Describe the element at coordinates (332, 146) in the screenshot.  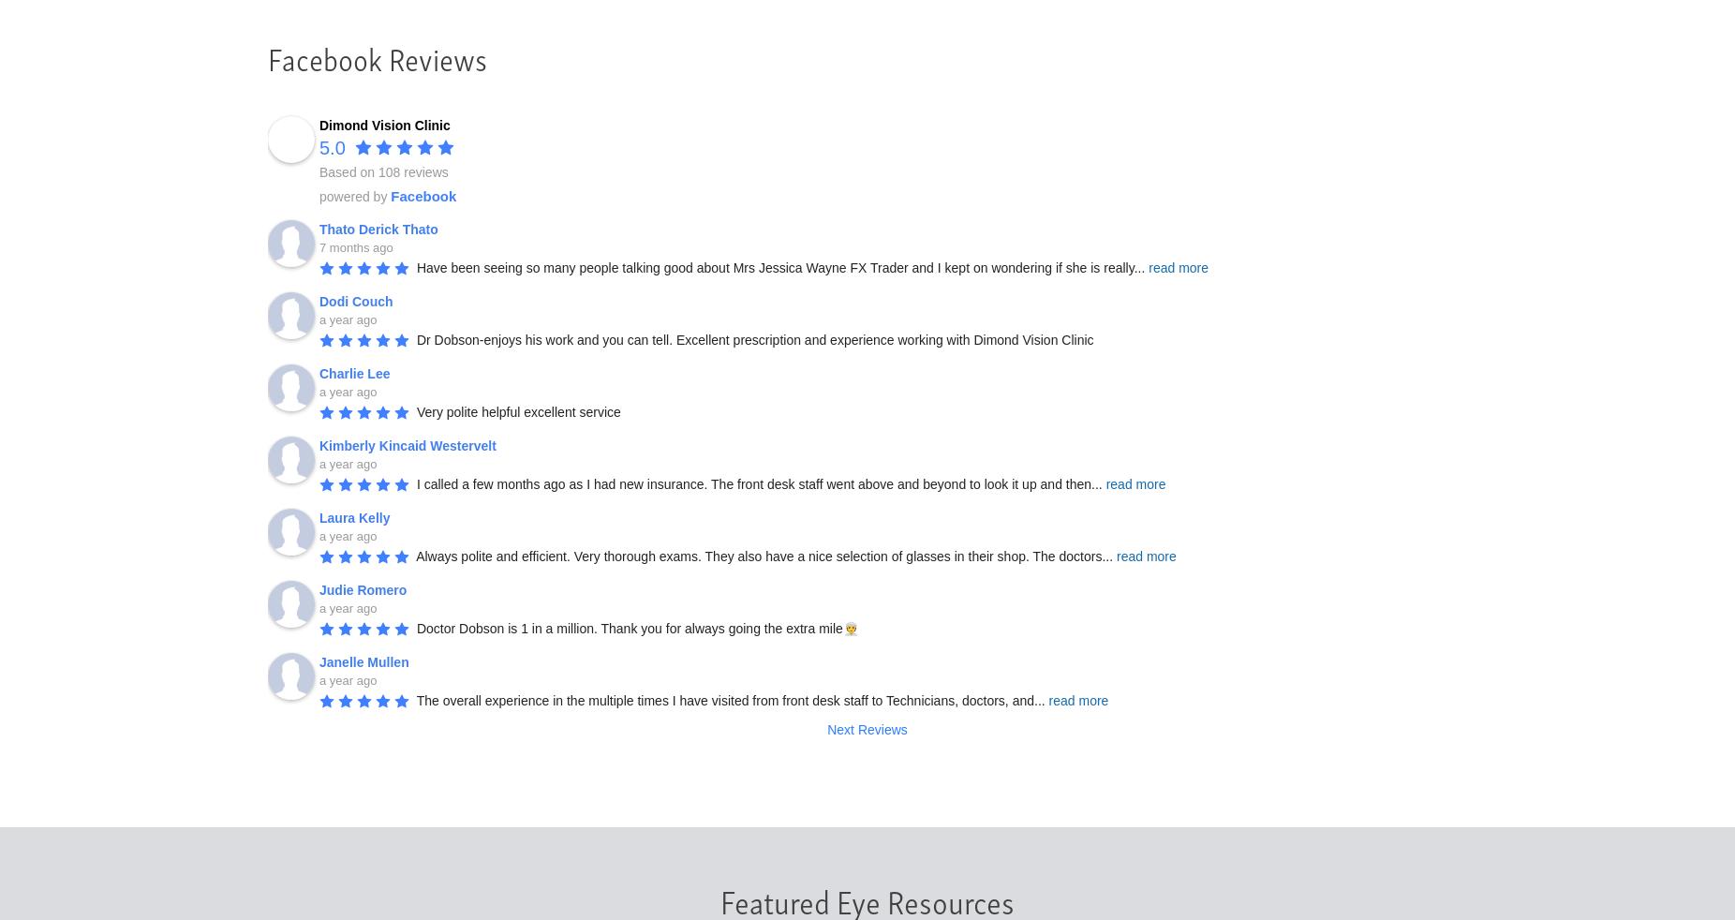
I see `'5.0'` at that location.